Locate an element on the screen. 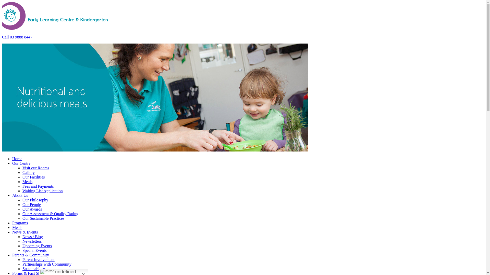 This screenshot has height=275, width=490. 'Our People' is located at coordinates (31, 204).